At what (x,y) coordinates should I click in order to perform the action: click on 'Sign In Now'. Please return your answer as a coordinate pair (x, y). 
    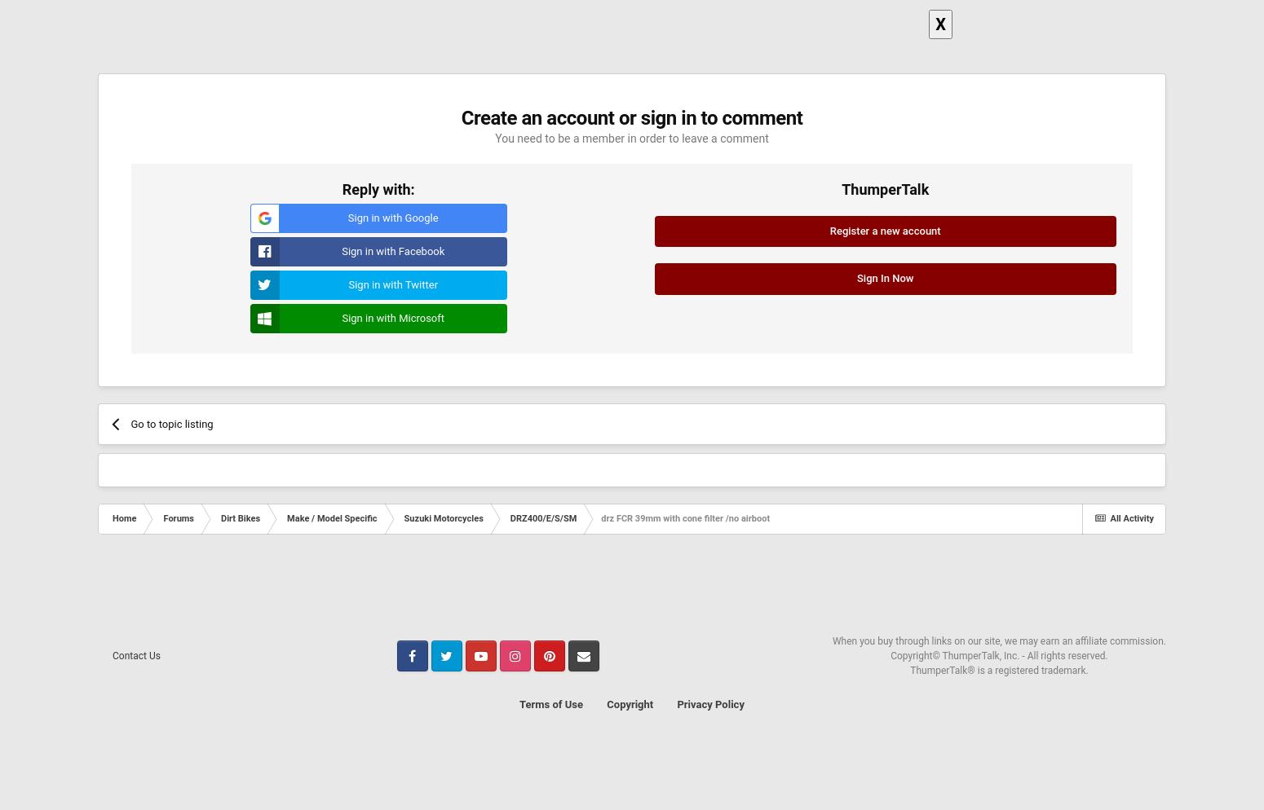
    Looking at the image, I should click on (885, 277).